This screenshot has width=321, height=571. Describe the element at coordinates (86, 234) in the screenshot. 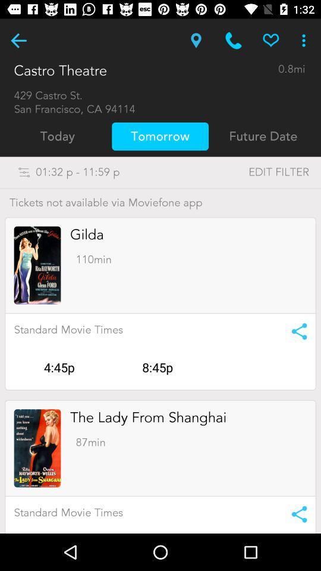

I see `the item above 110min item` at that location.